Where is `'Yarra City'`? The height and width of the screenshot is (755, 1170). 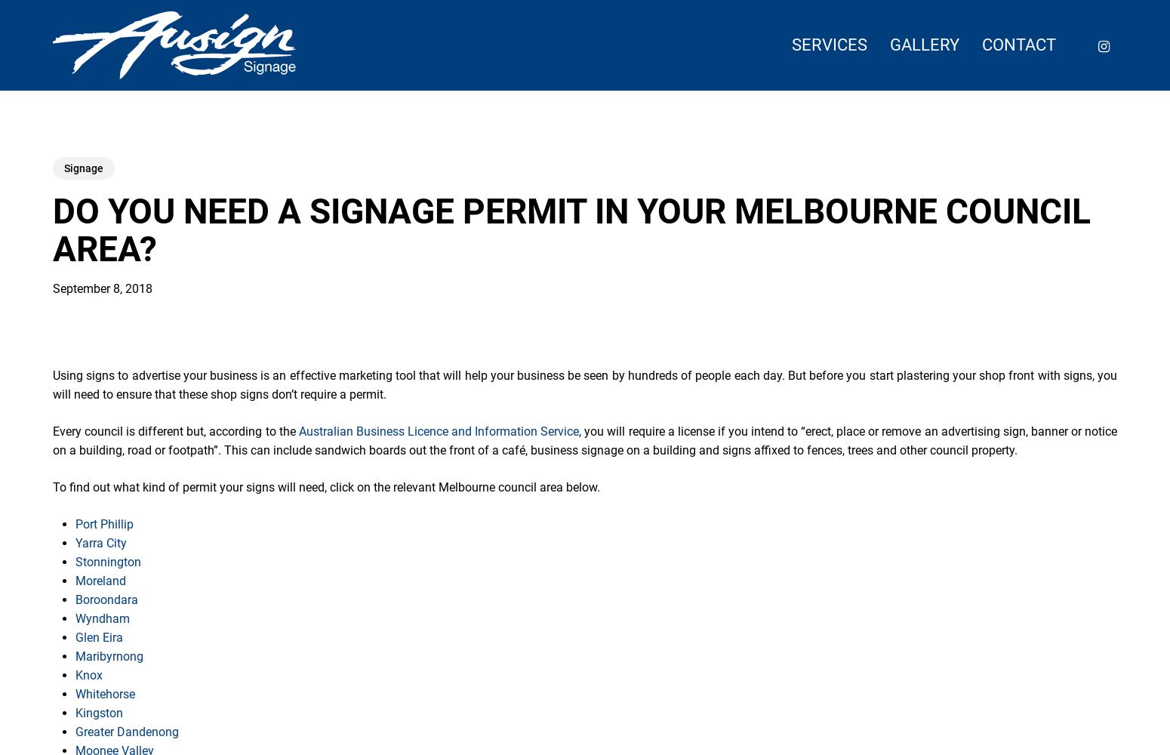
'Yarra City' is located at coordinates (101, 542).